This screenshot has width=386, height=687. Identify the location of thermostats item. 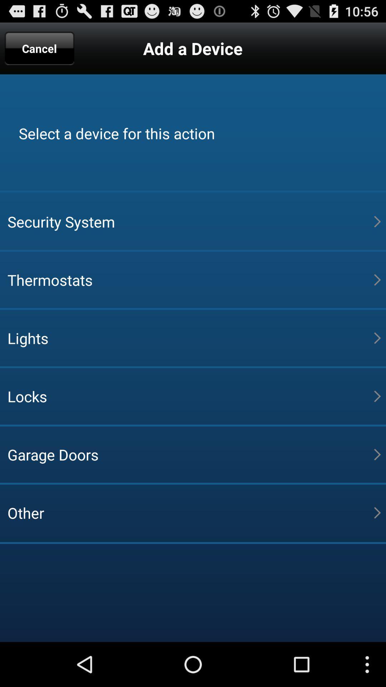
(190, 279).